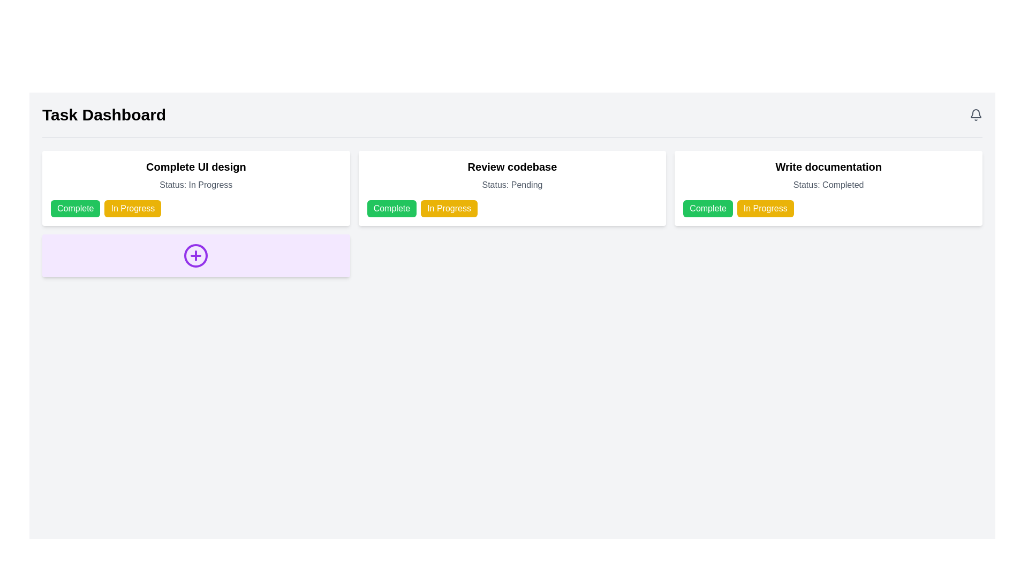  I want to click on the 'In Progress' button, which is a rectangular button with a vibrant yellow background and white text, located to the right of the 'Complete' button in a flex layout below the 'Review codebase' card, so click(449, 208).